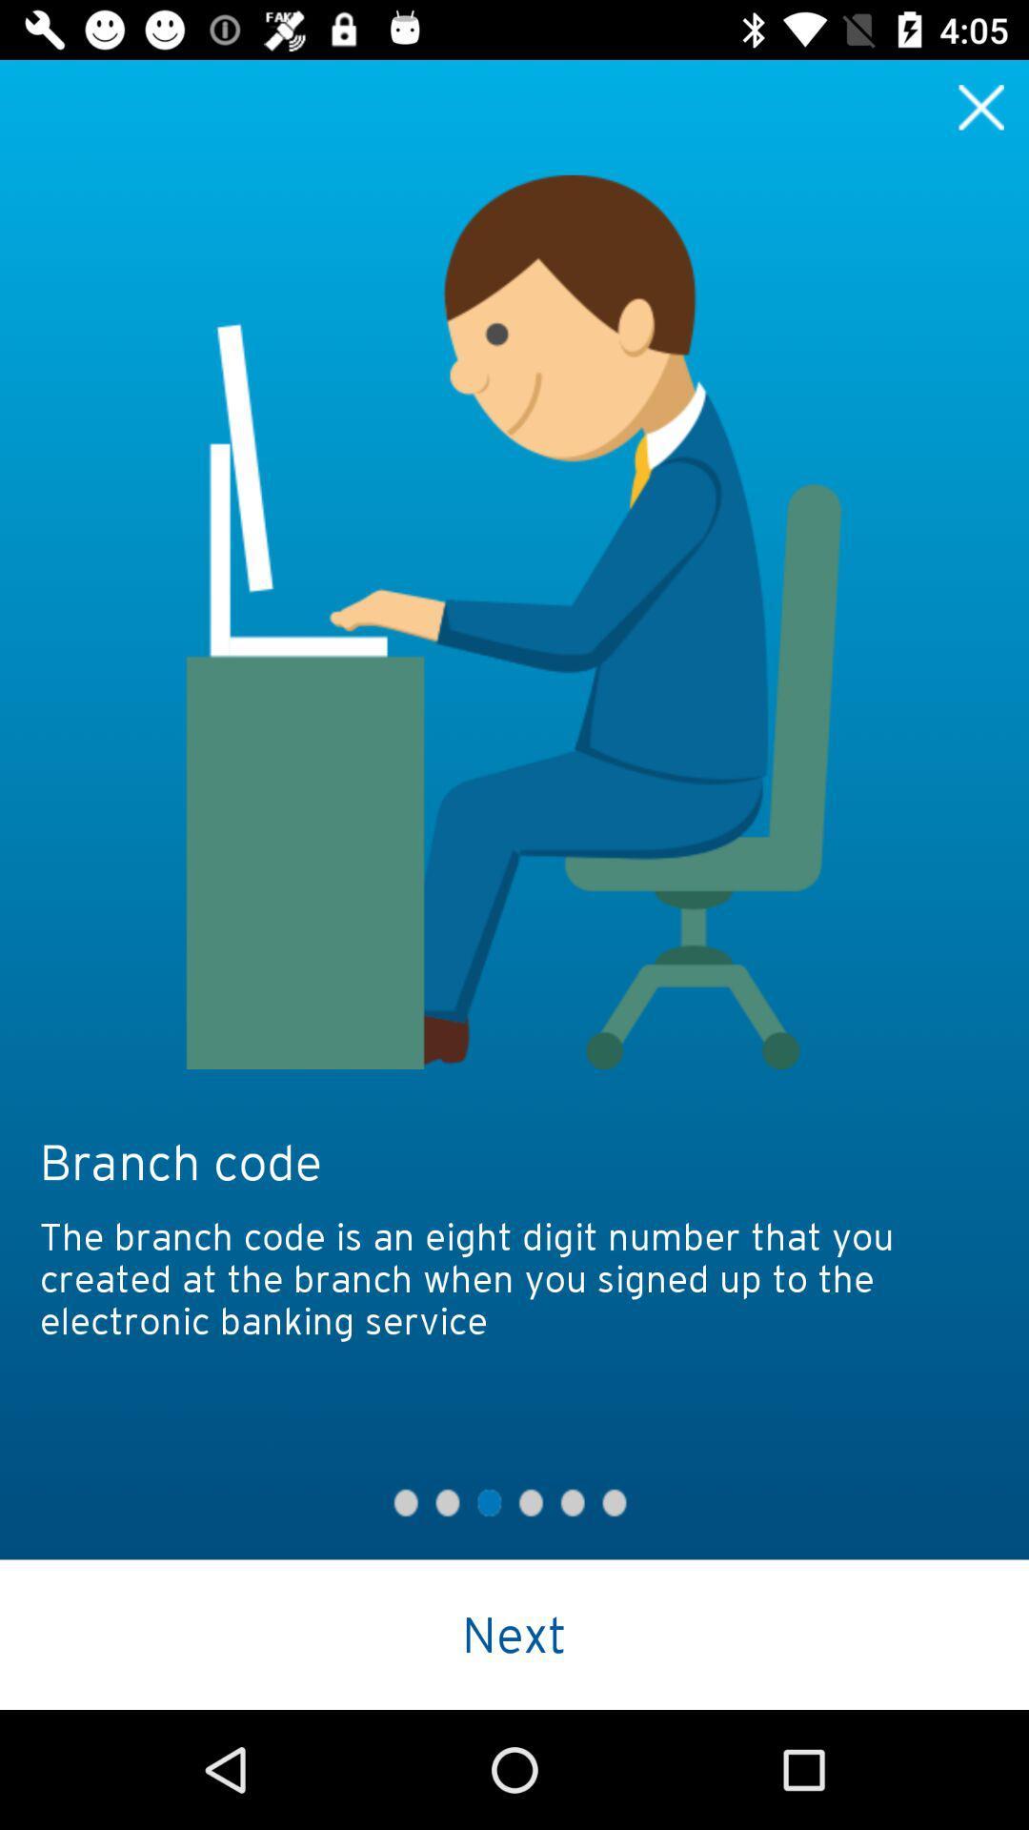 The width and height of the screenshot is (1029, 1830). What do you see at coordinates (981, 106) in the screenshot?
I see `the close icon` at bounding box center [981, 106].